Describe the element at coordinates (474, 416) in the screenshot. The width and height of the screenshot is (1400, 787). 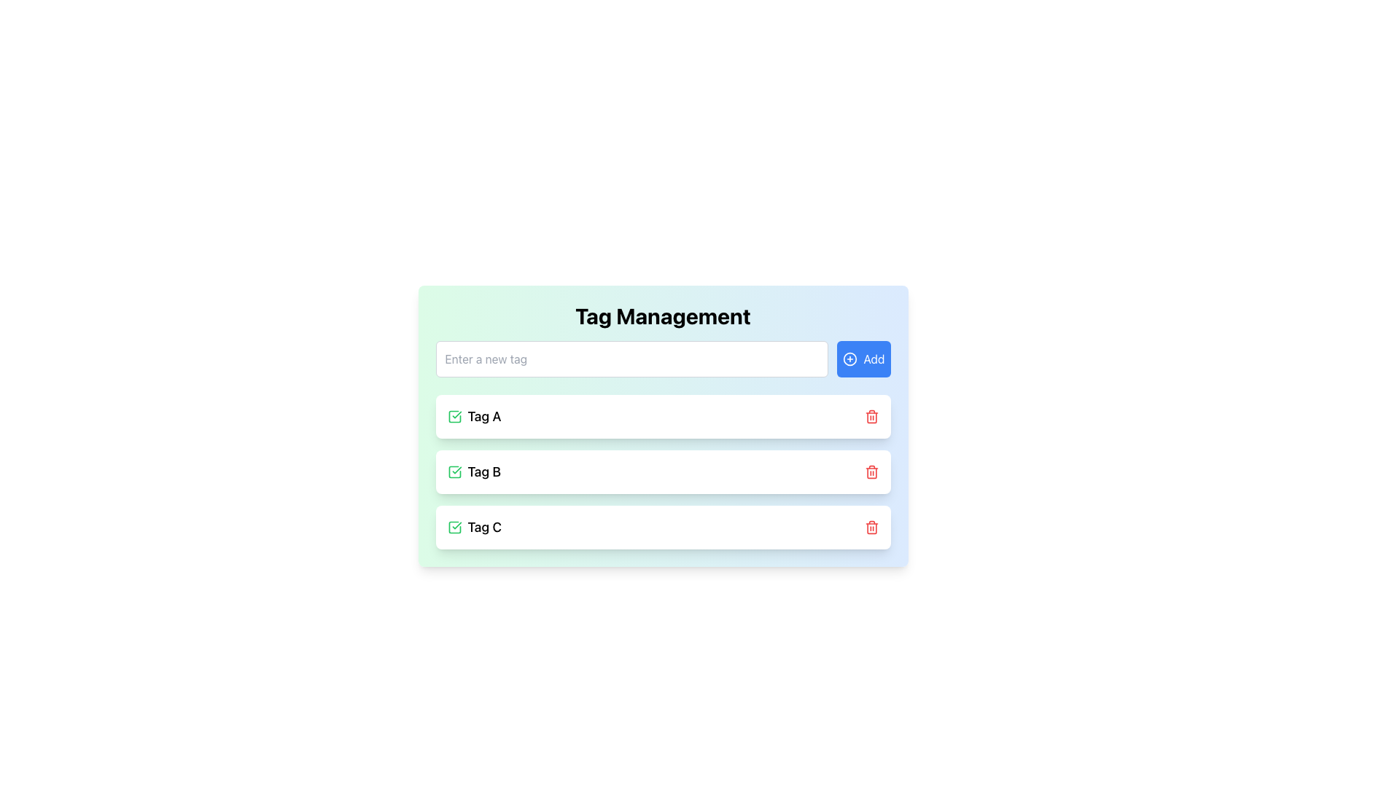
I see `the 'Tag A' text element, which is adjacent to a green checkmark icon` at that location.